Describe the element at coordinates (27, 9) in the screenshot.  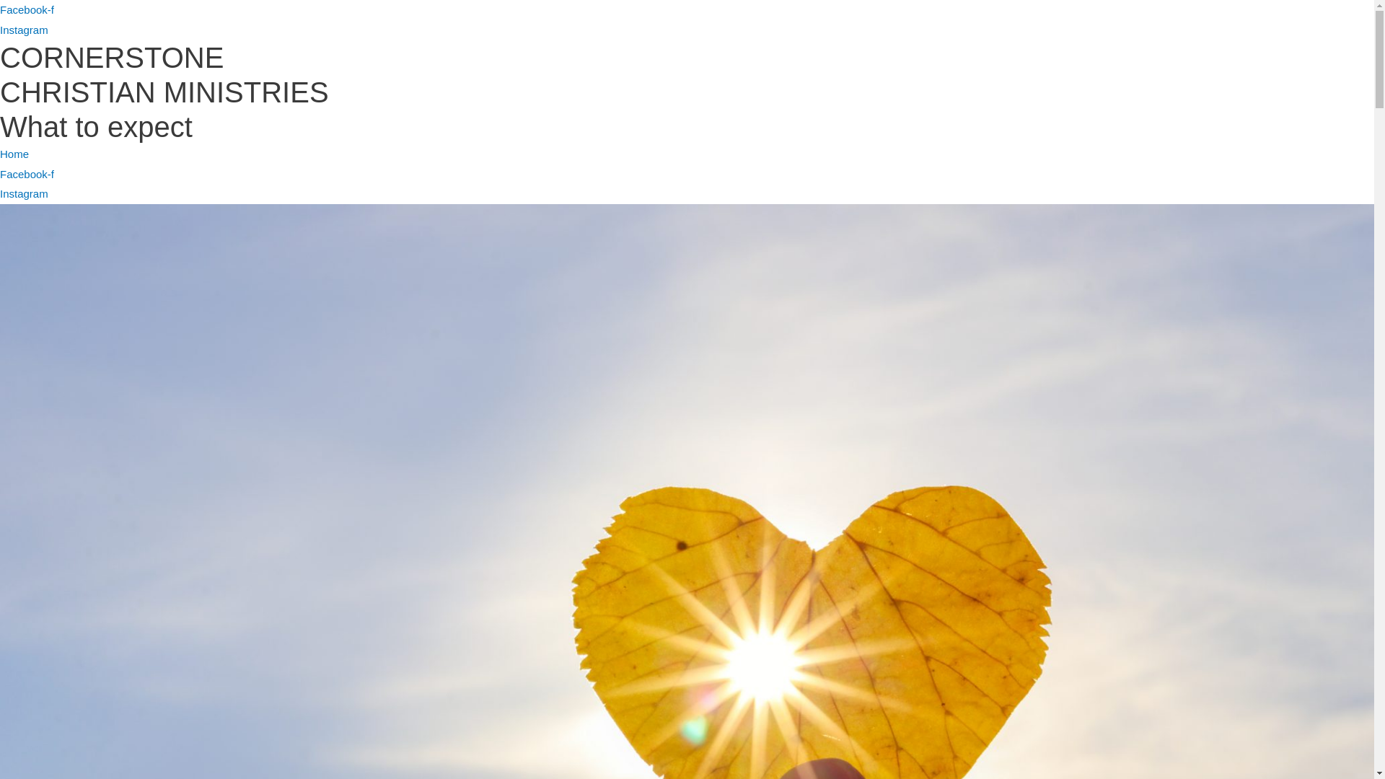
I see `'Facebook-f'` at that location.